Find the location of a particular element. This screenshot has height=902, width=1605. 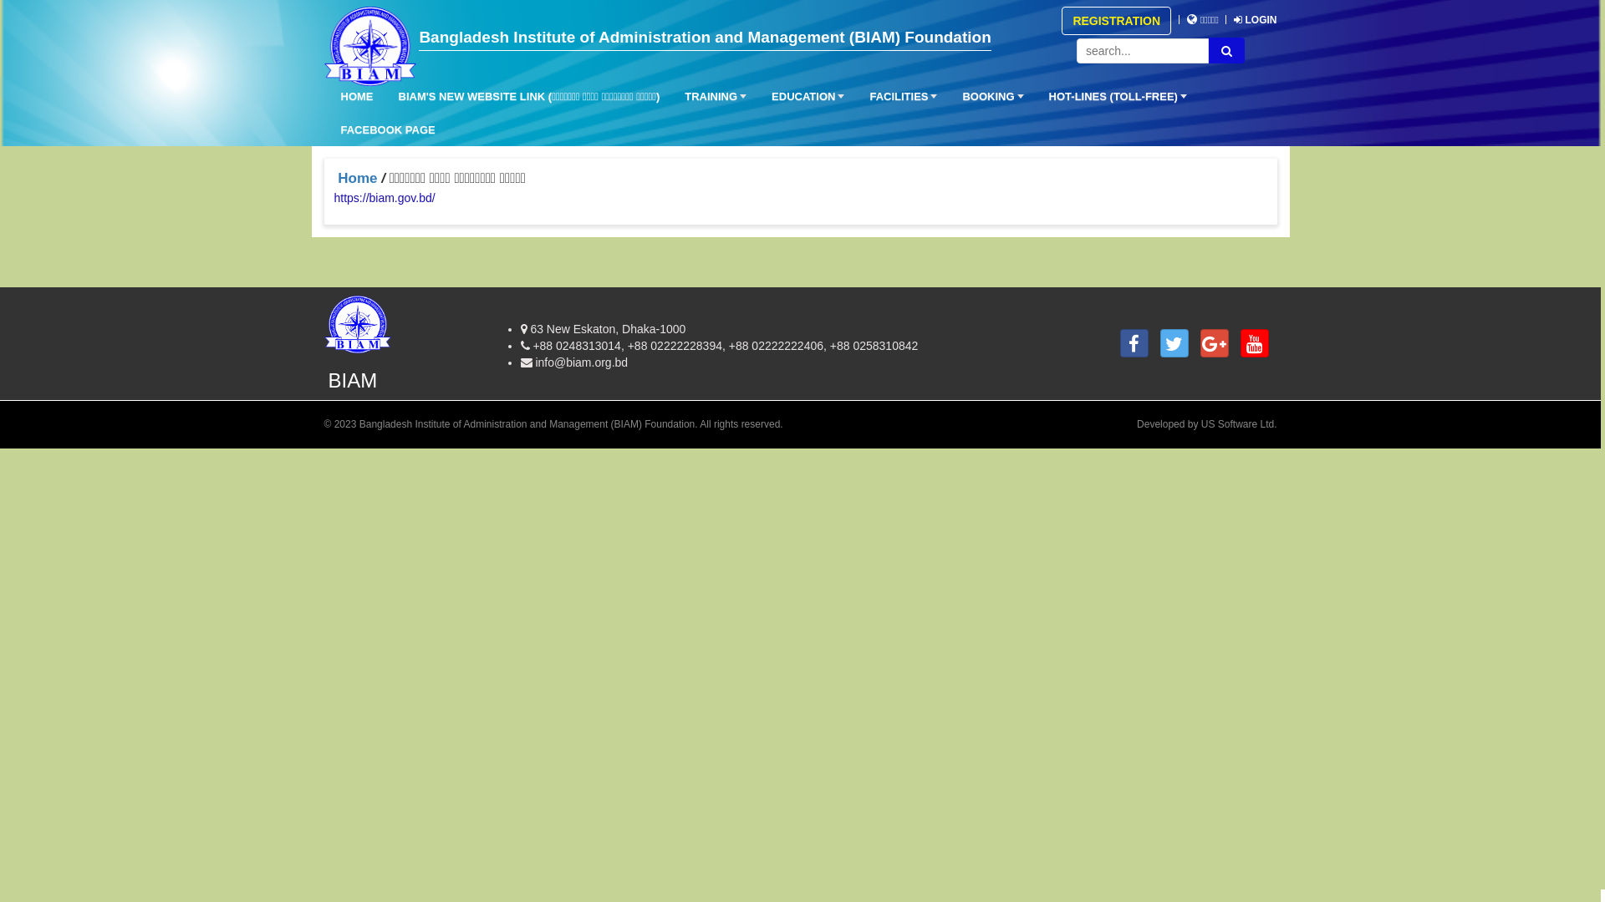

'TRAINING' is located at coordinates (711, 97).